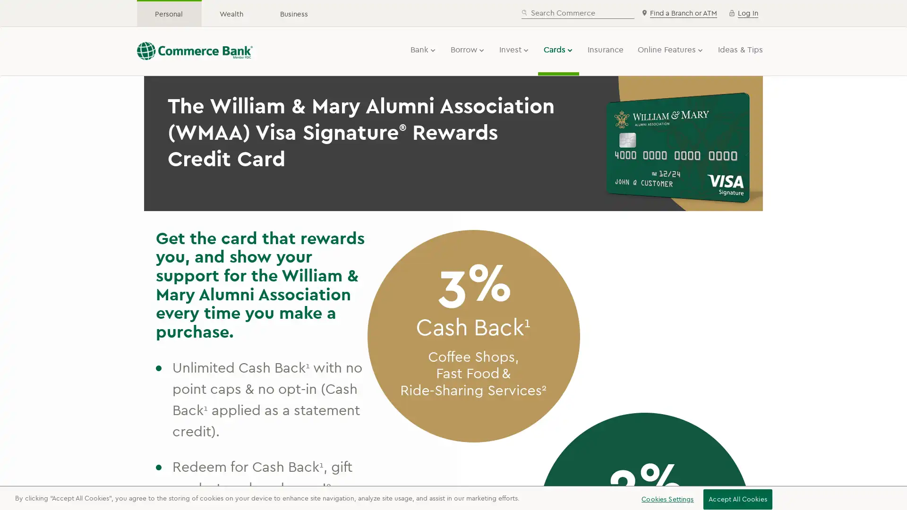  I want to click on Ideas & Tips, so click(740, 49).